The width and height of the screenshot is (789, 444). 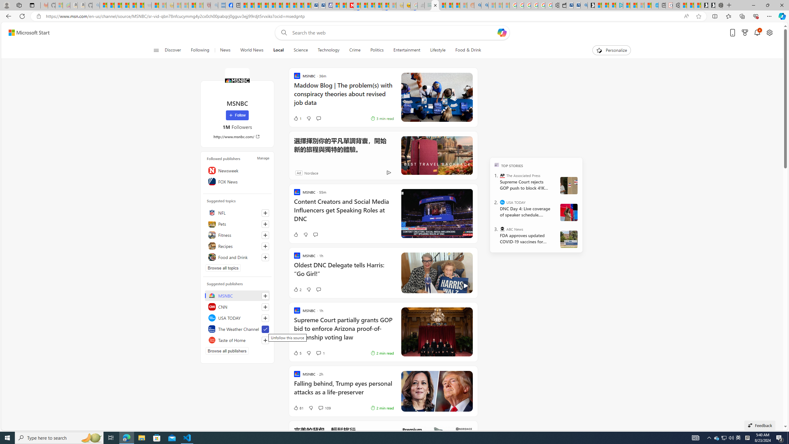 What do you see at coordinates (237, 170) in the screenshot?
I see `'Newsweek'` at bounding box center [237, 170].